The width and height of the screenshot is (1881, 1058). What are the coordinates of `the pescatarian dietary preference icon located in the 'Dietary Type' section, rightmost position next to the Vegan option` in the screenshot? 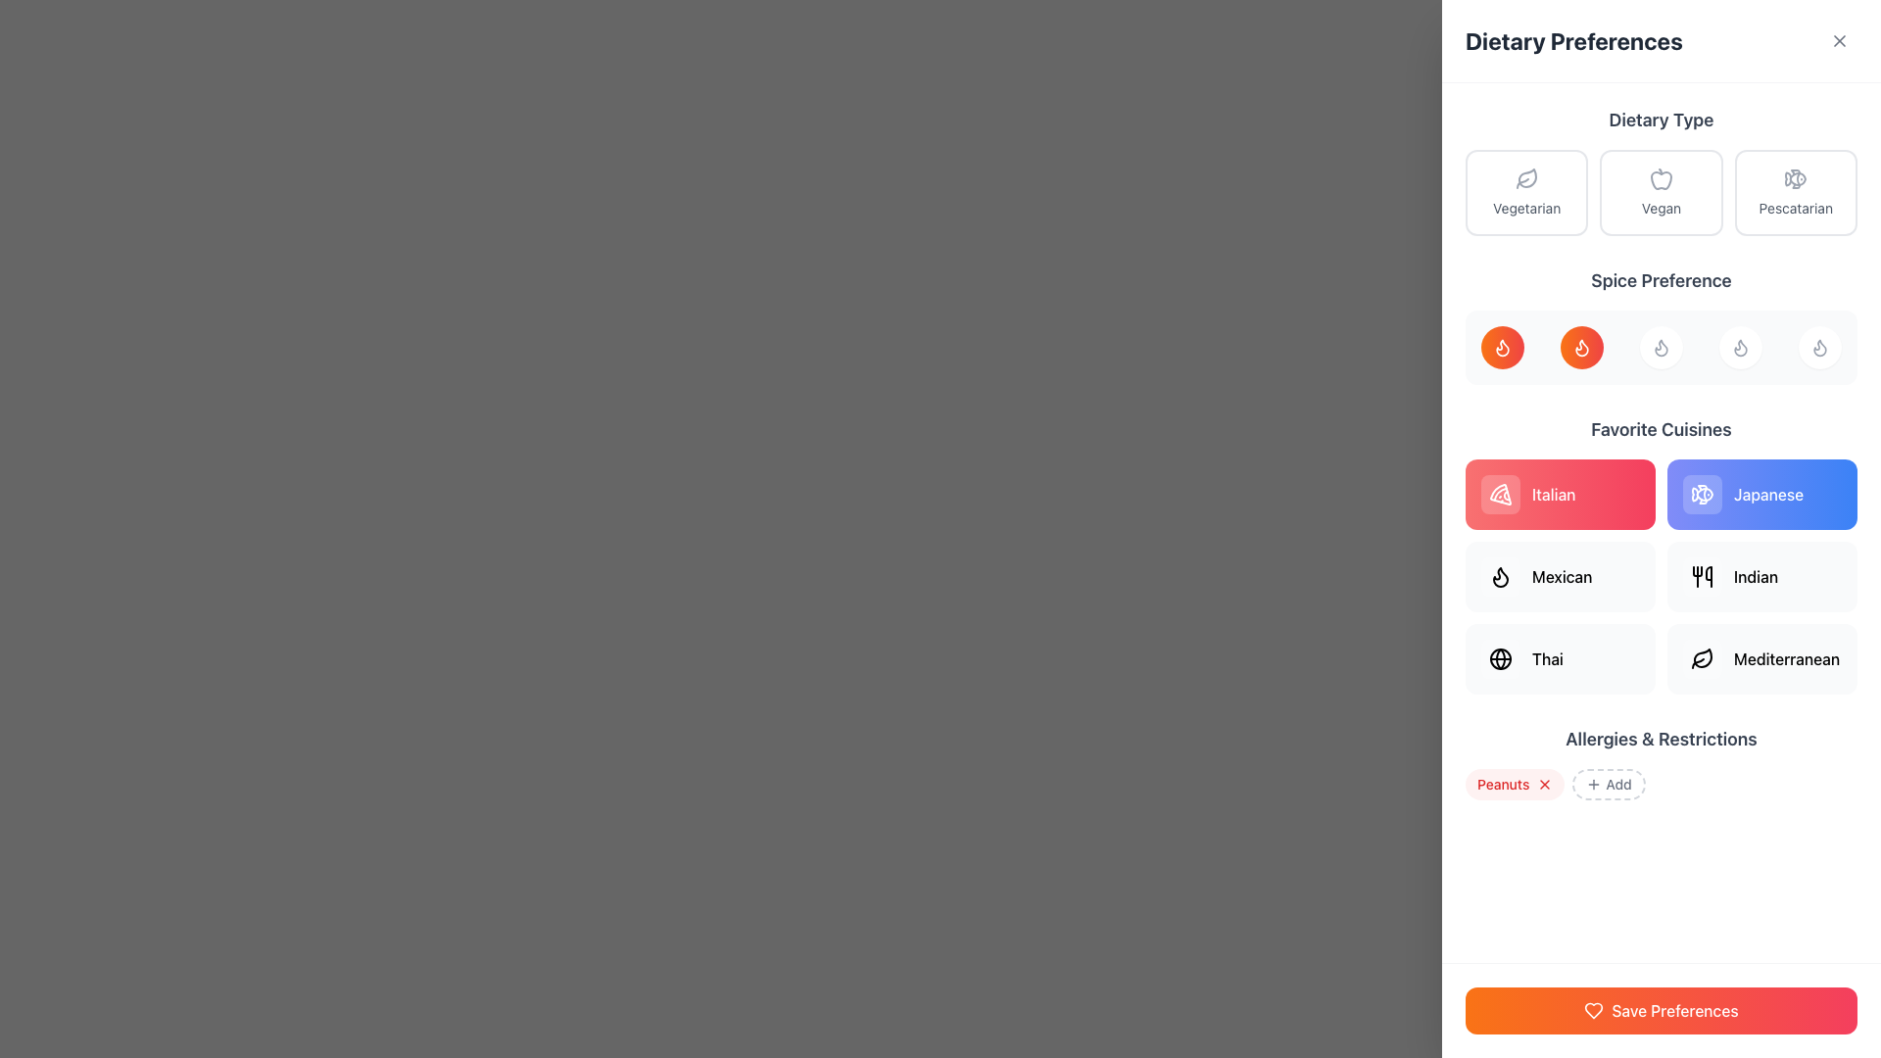 It's located at (1796, 178).